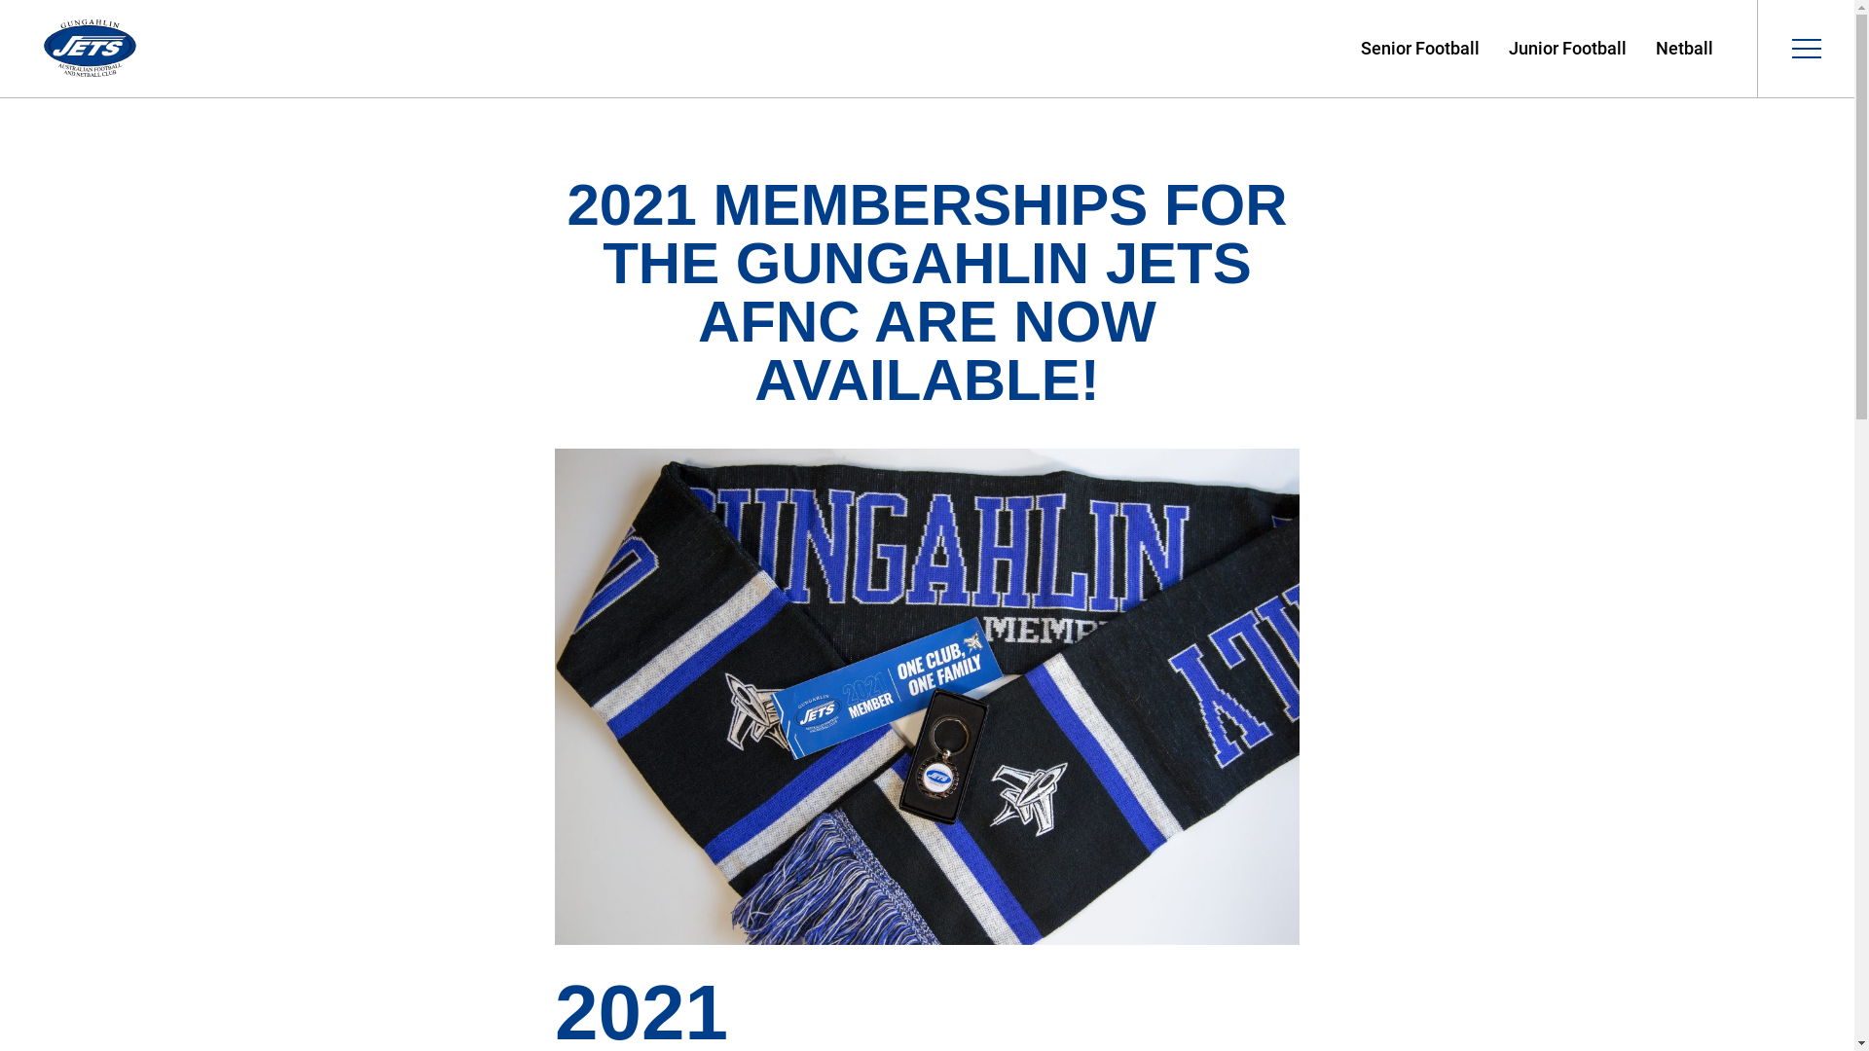  Describe the element at coordinates (1567, 48) in the screenshot. I see `'Junior Football'` at that location.